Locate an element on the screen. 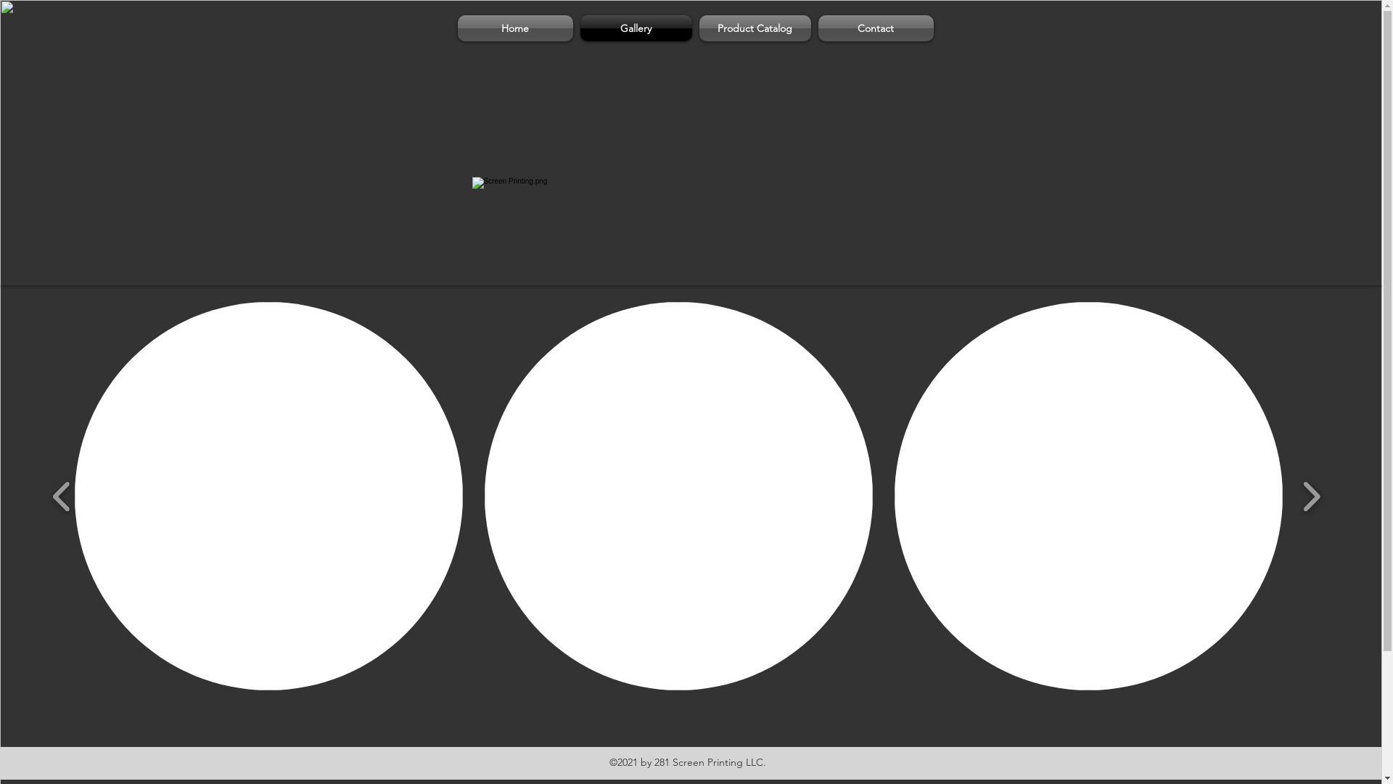 The image size is (1393, 784). 'Gallery' is located at coordinates (635, 28).